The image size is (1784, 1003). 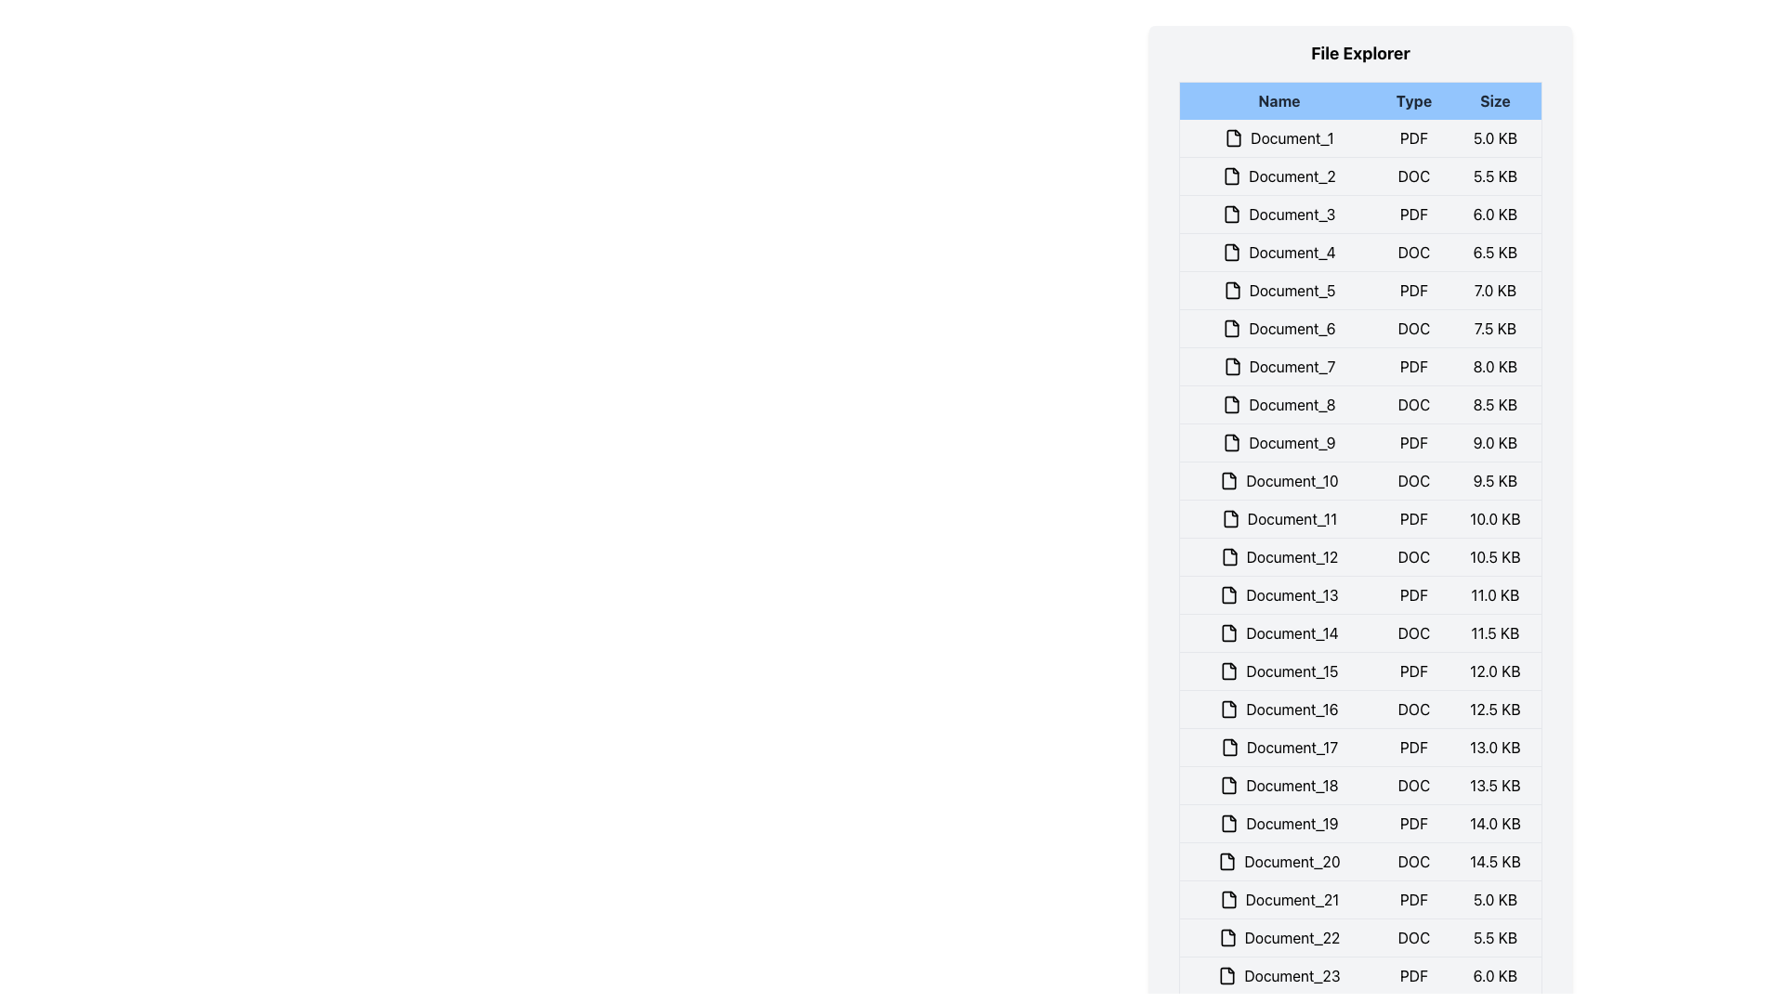 I want to click on the Text label indicating the size of the file 'Document_6' in kilobytes located in the sixth row of the table under the 'Size' column, so click(x=1495, y=328).